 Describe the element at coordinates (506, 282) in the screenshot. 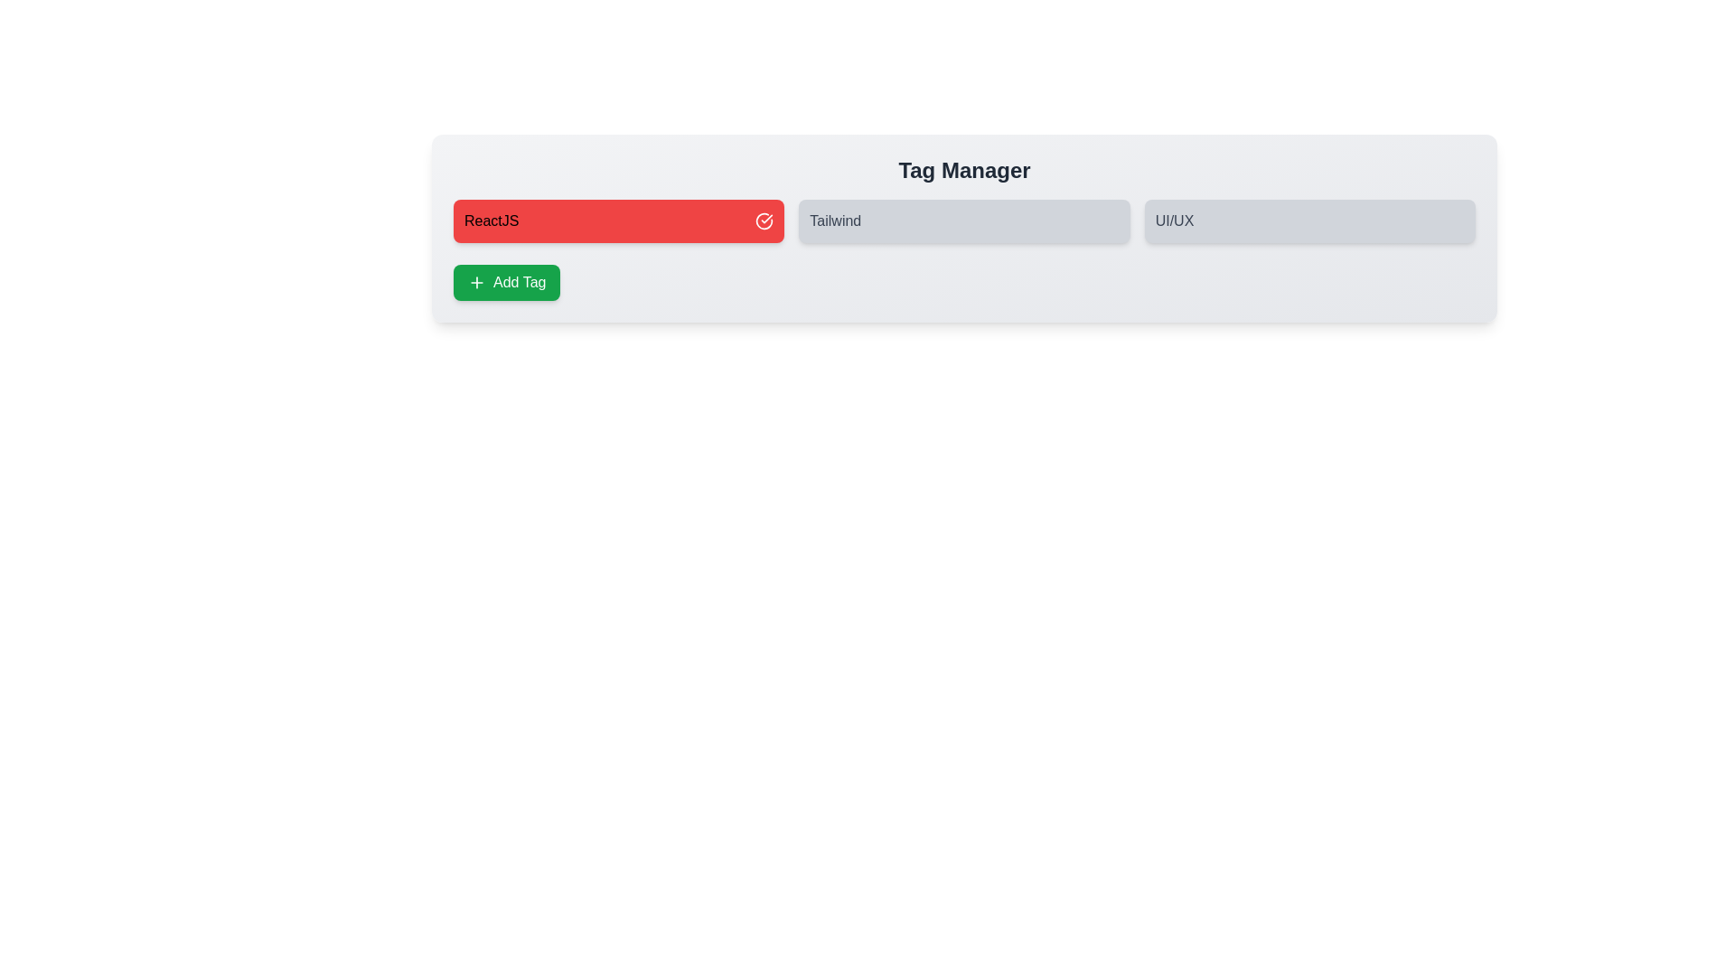

I see `the 'Add Tag' button to add a new tag` at that location.